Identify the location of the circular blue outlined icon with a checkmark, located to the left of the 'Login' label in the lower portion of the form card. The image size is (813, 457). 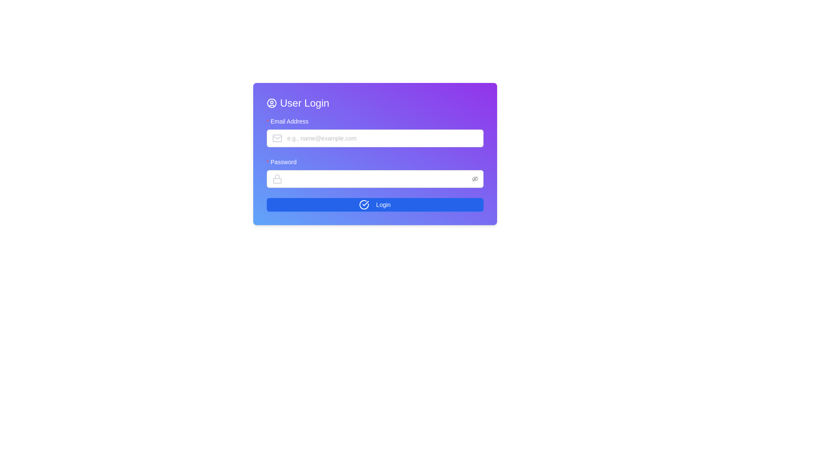
(364, 204).